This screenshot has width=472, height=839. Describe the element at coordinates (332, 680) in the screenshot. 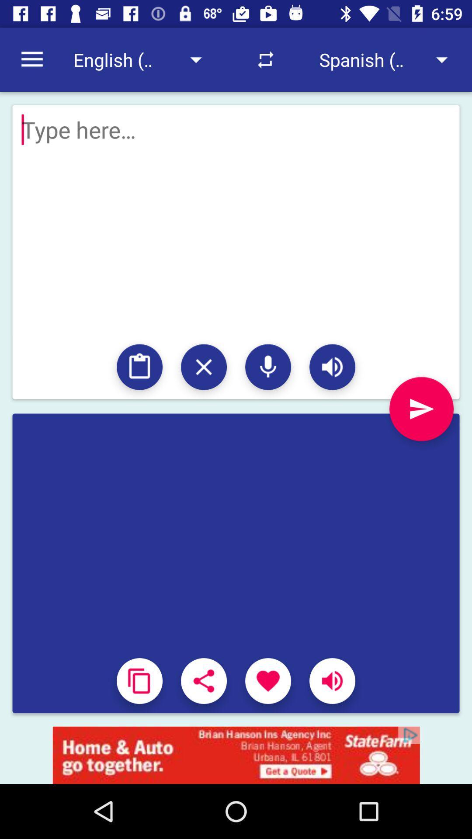

I see `click the adjust volume option` at that location.